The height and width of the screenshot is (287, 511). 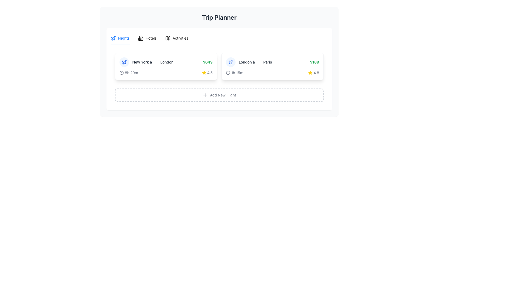 What do you see at coordinates (167, 38) in the screenshot?
I see `the third icon in the navigation bar that represents the 'Activities' section, which is located next to the text 'Activities'` at bounding box center [167, 38].